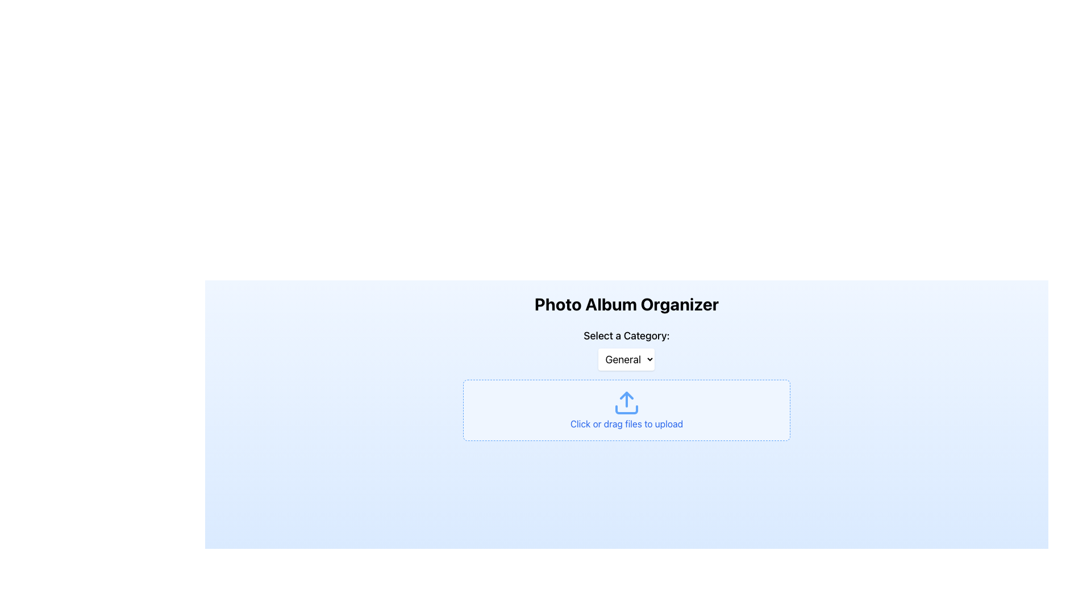  Describe the element at coordinates (626, 335) in the screenshot. I see `the text label that reads 'Select a Category:', which is styled with medium-sized, bolded black text and positioned above the dropdown menu labeled 'General'` at that location.